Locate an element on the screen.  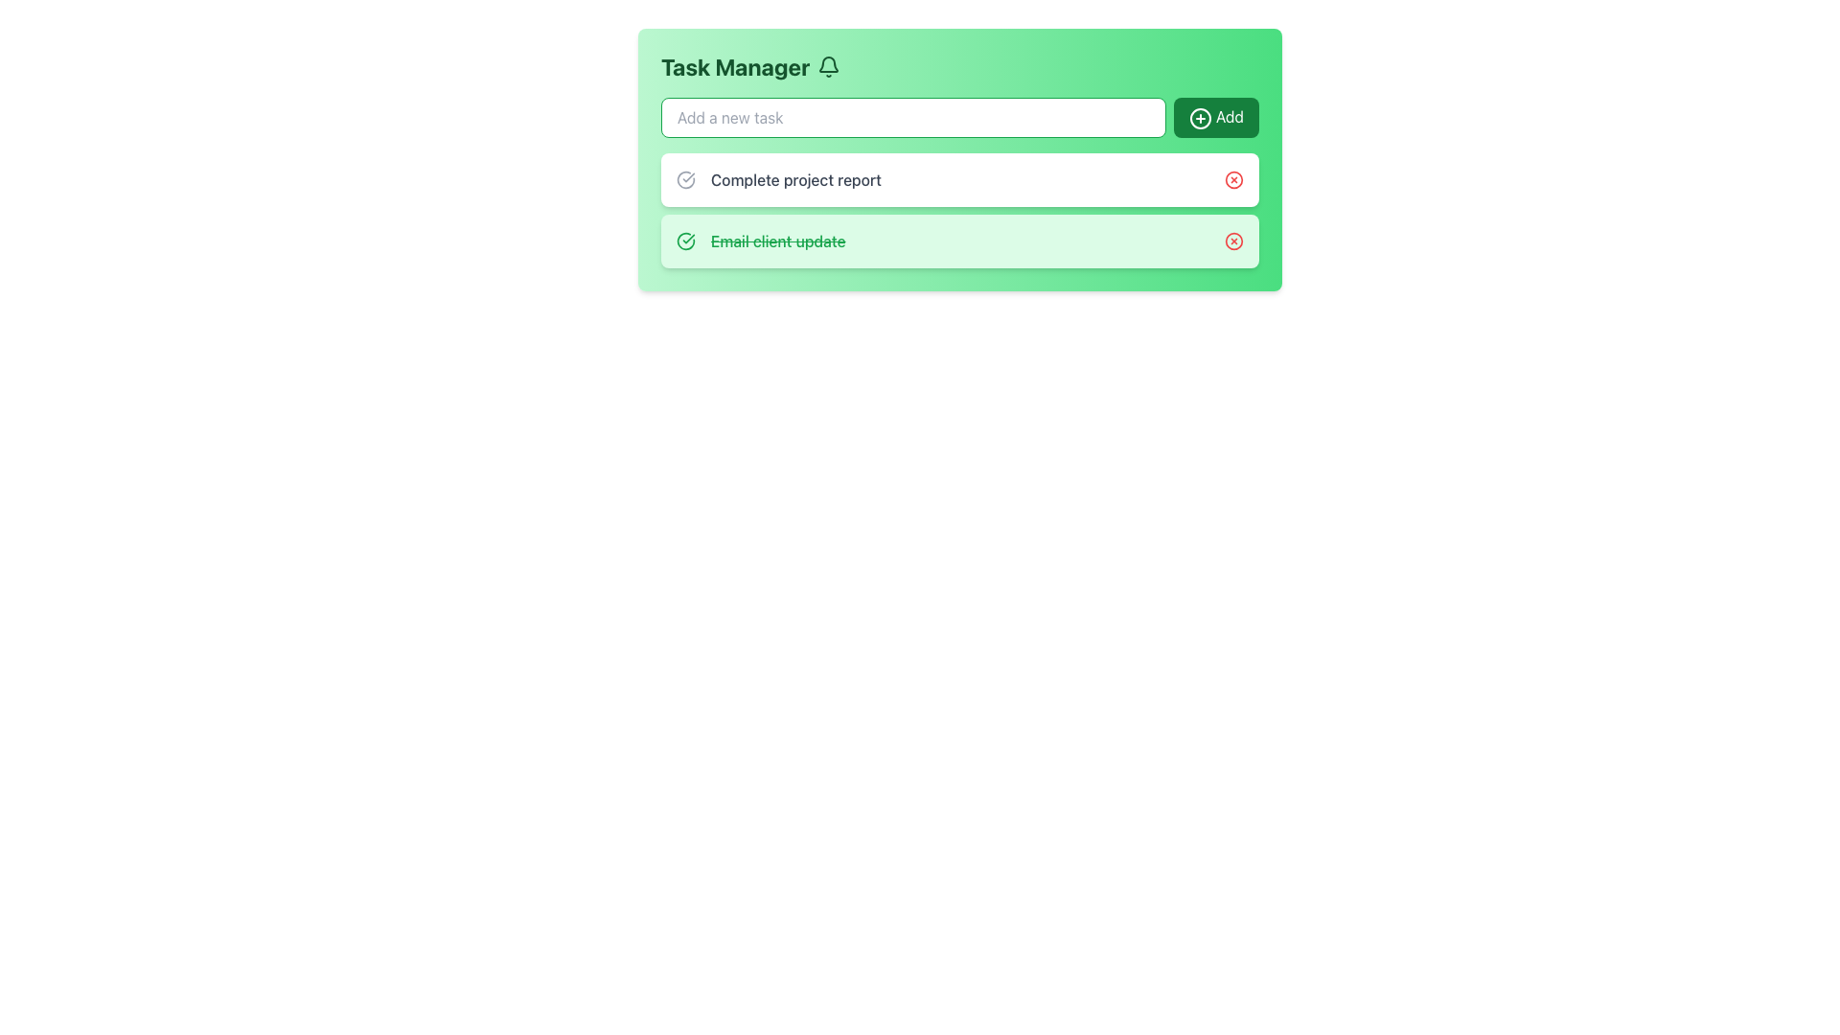
the green circular checkbox icon with a checkmark is located at coordinates (685, 240).